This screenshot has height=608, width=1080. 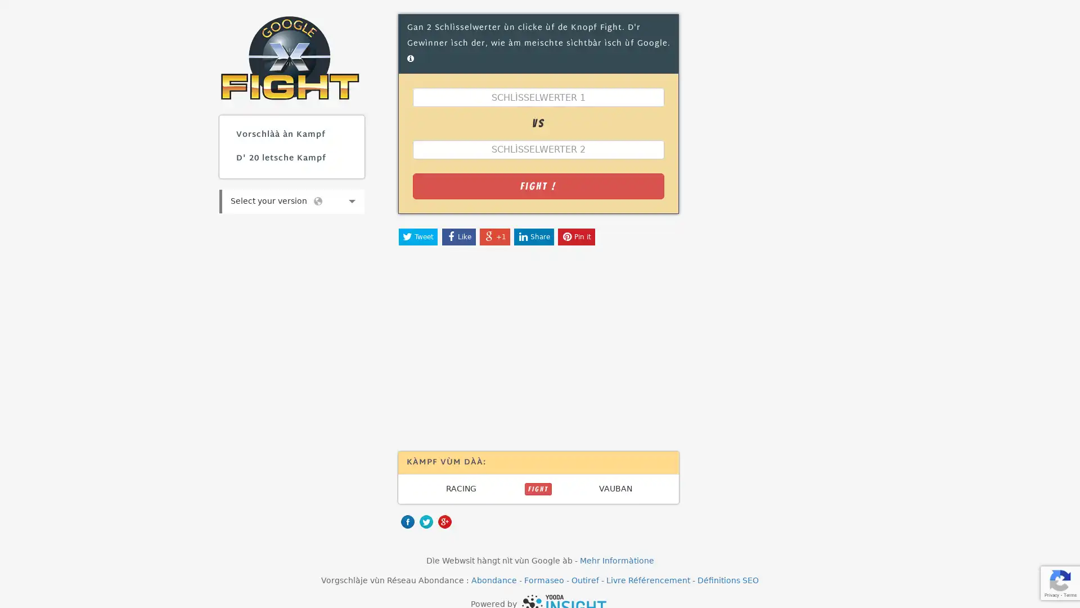 What do you see at coordinates (537, 185) in the screenshot?
I see `Fight !` at bounding box center [537, 185].